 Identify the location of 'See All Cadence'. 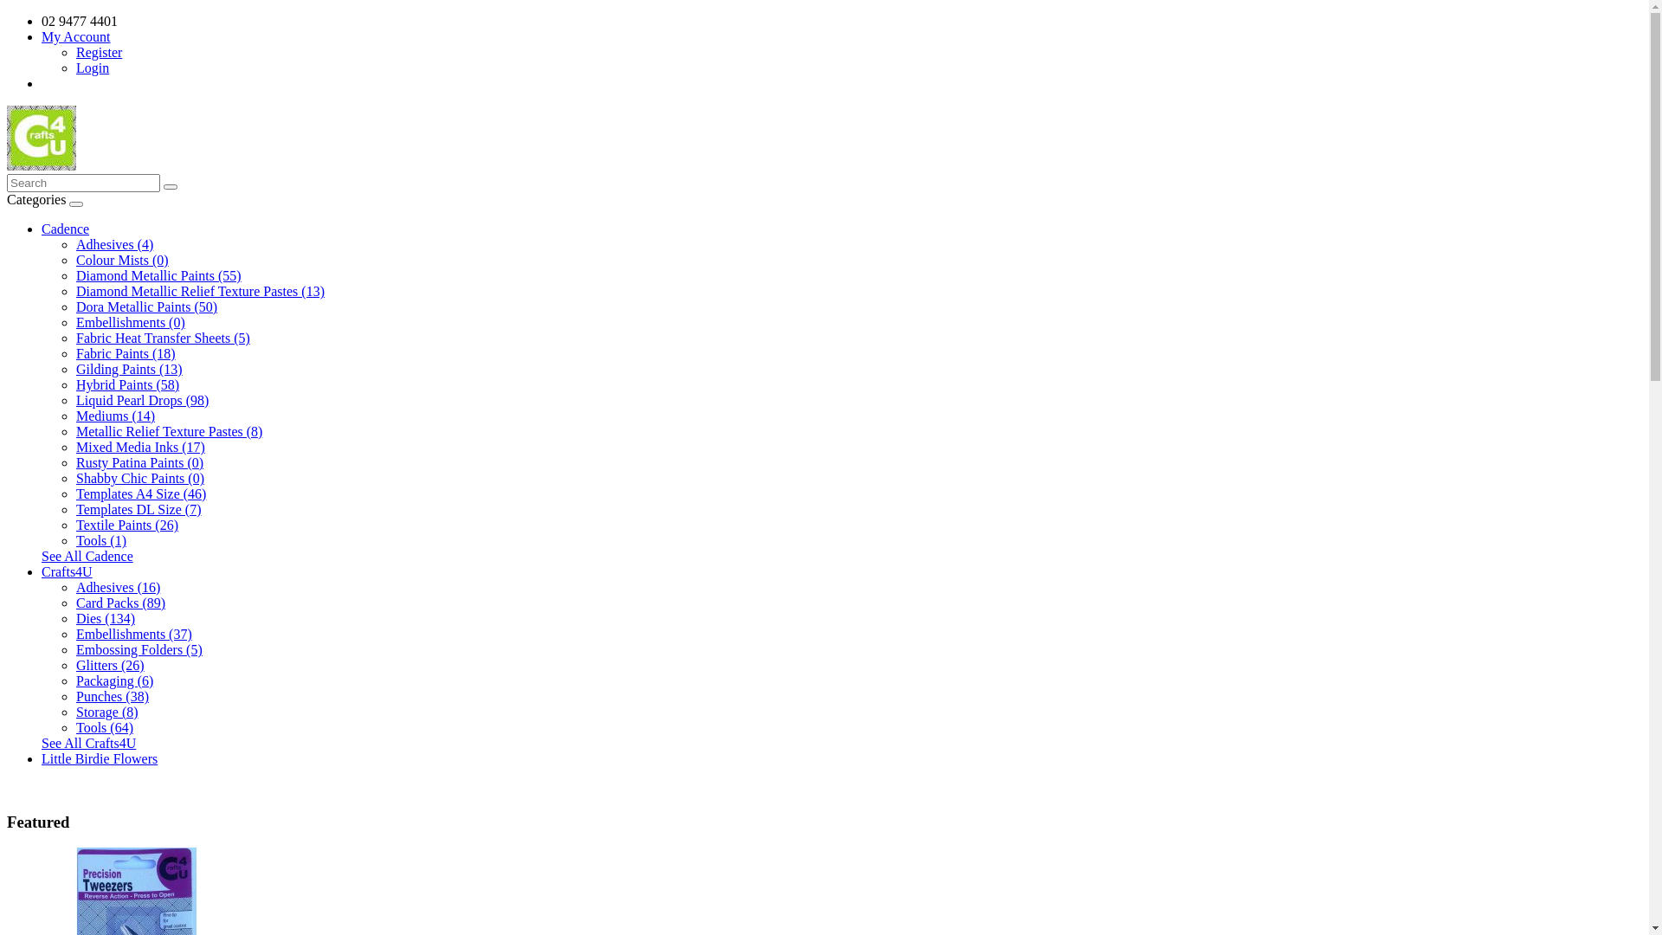
(42, 556).